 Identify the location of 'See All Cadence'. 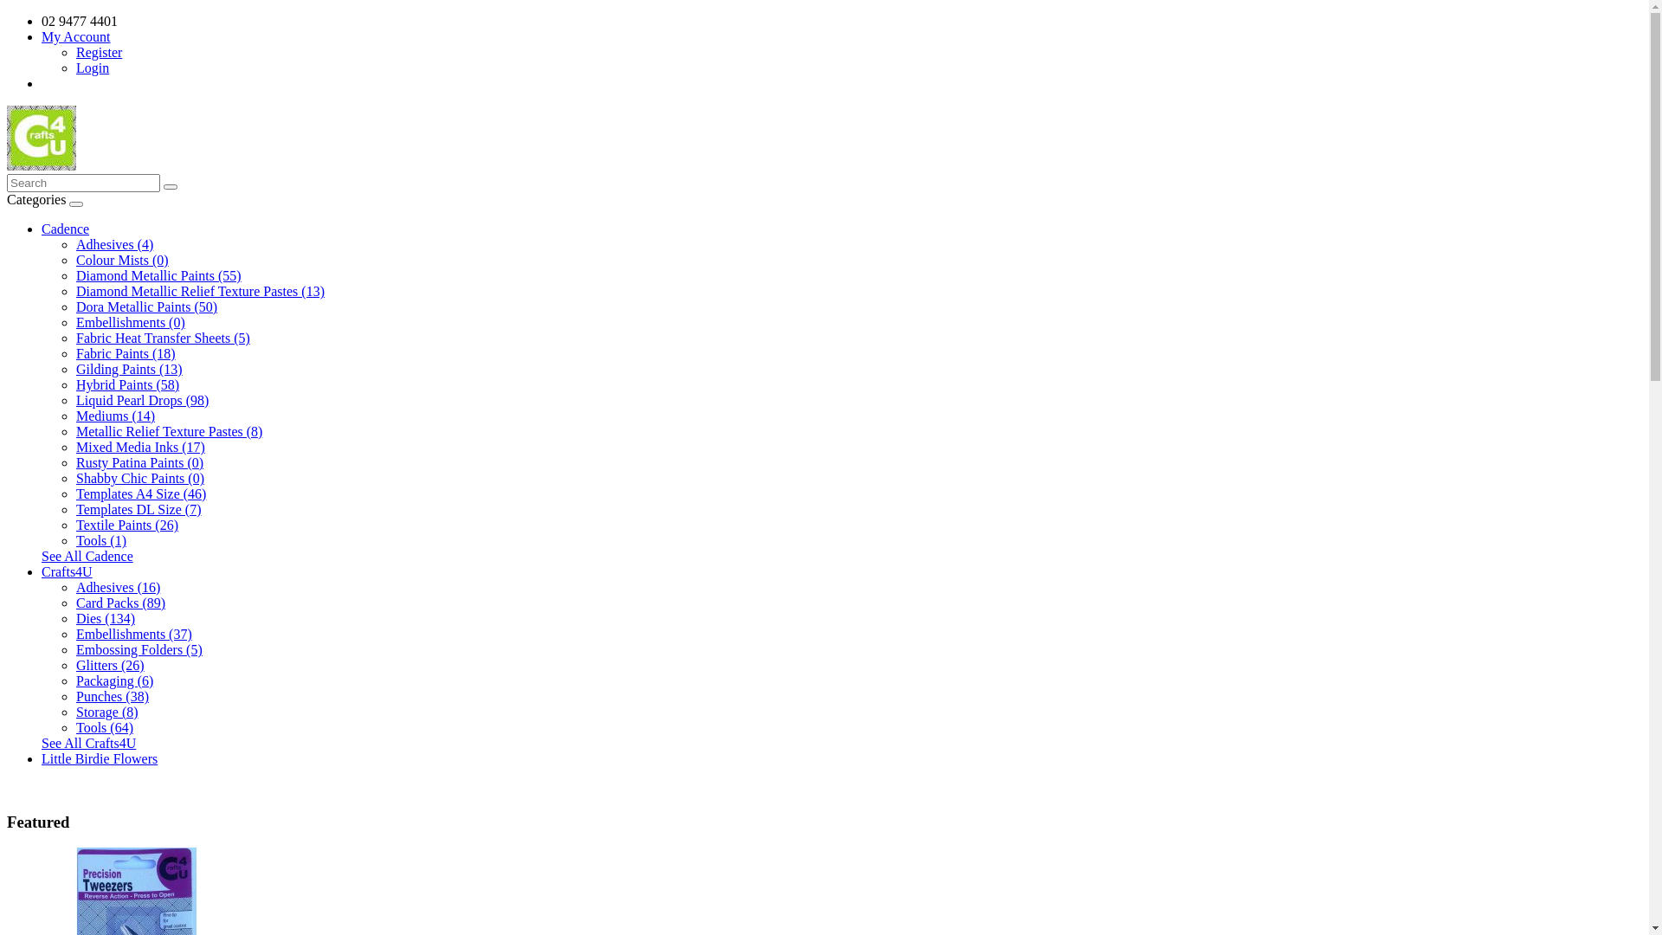
(42, 556).